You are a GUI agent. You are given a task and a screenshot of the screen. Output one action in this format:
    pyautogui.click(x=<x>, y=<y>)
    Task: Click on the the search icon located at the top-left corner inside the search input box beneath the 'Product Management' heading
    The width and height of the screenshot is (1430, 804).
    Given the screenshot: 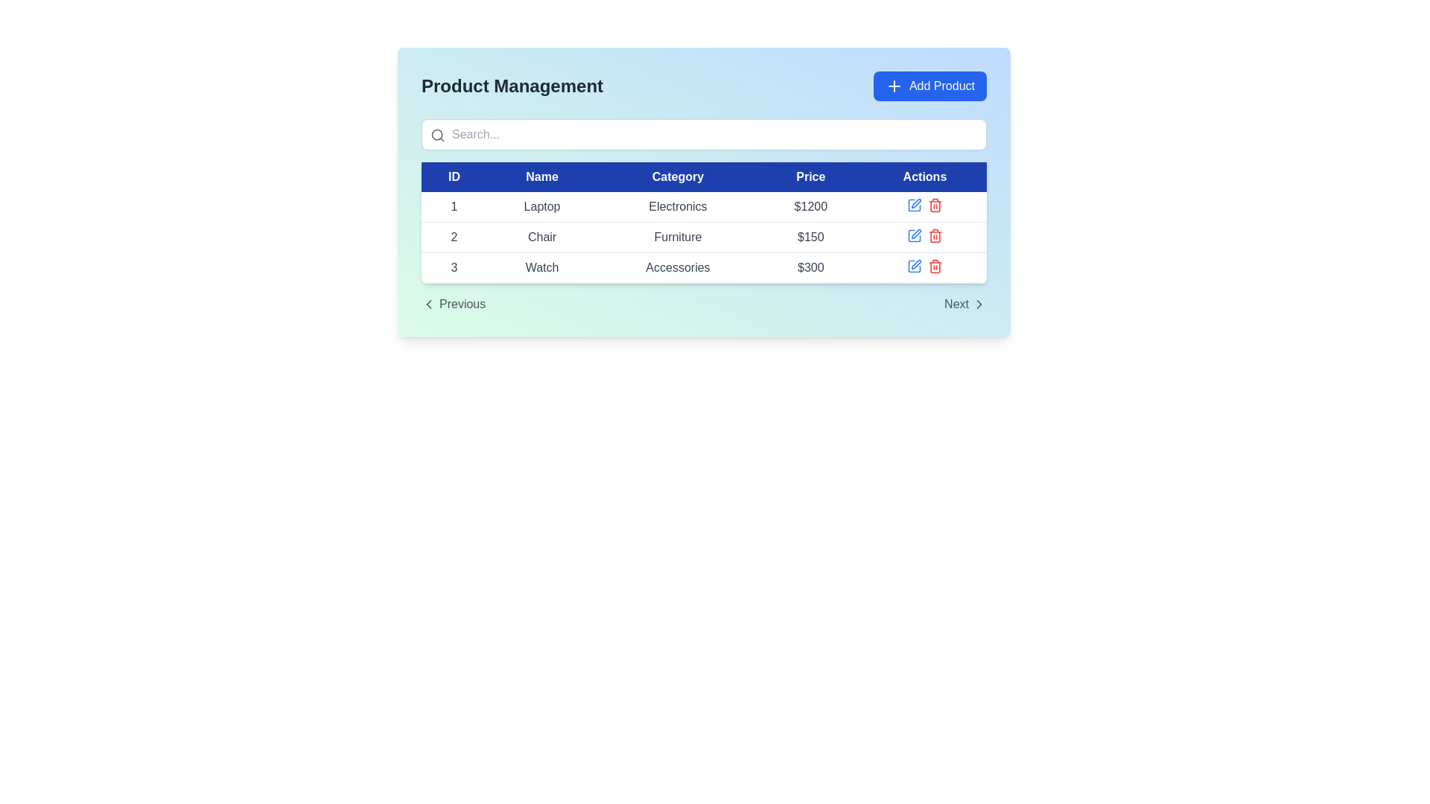 What is the action you would take?
    pyautogui.click(x=437, y=135)
    